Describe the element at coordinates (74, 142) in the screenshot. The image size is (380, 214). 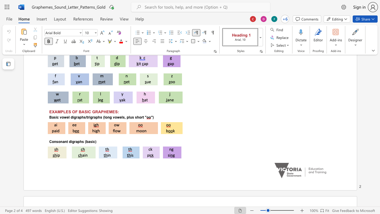
I see `the space between the continuous character "g" and "r" in the text` at that location.